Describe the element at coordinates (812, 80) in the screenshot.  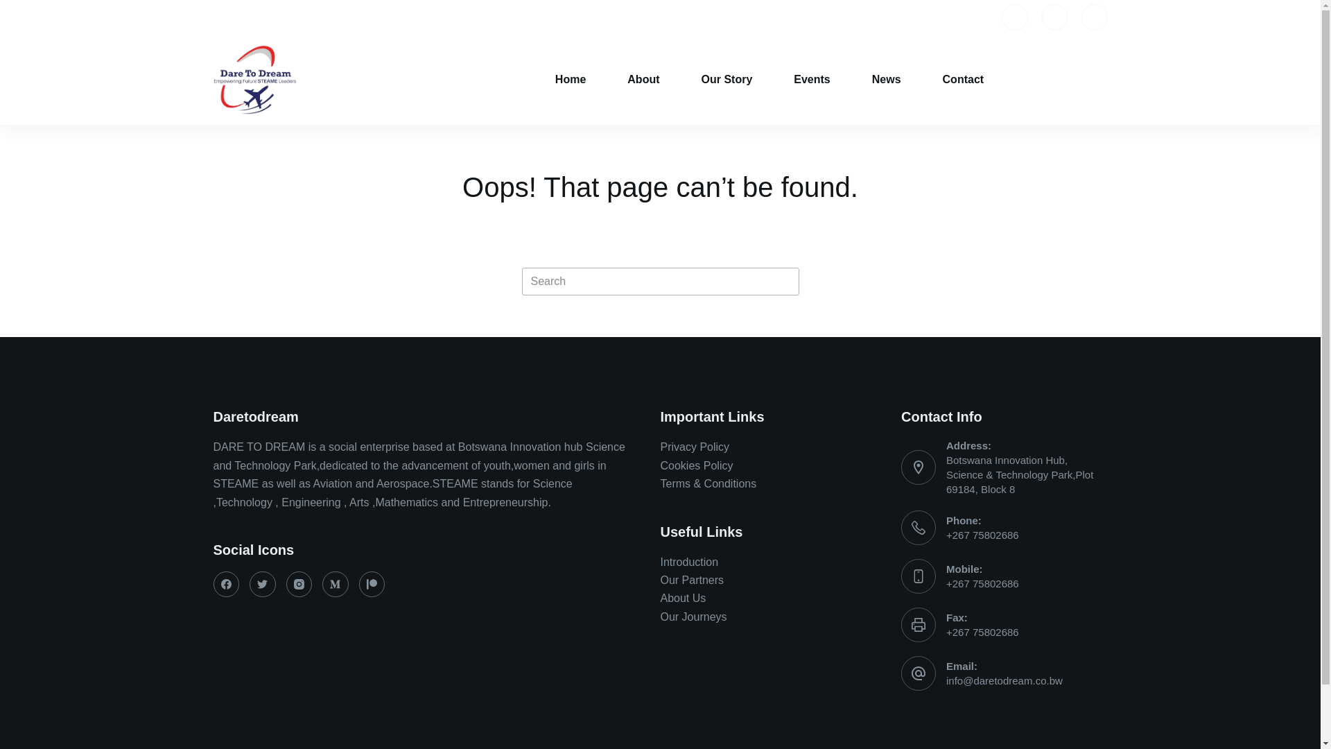
I see `'Events'` at that location.